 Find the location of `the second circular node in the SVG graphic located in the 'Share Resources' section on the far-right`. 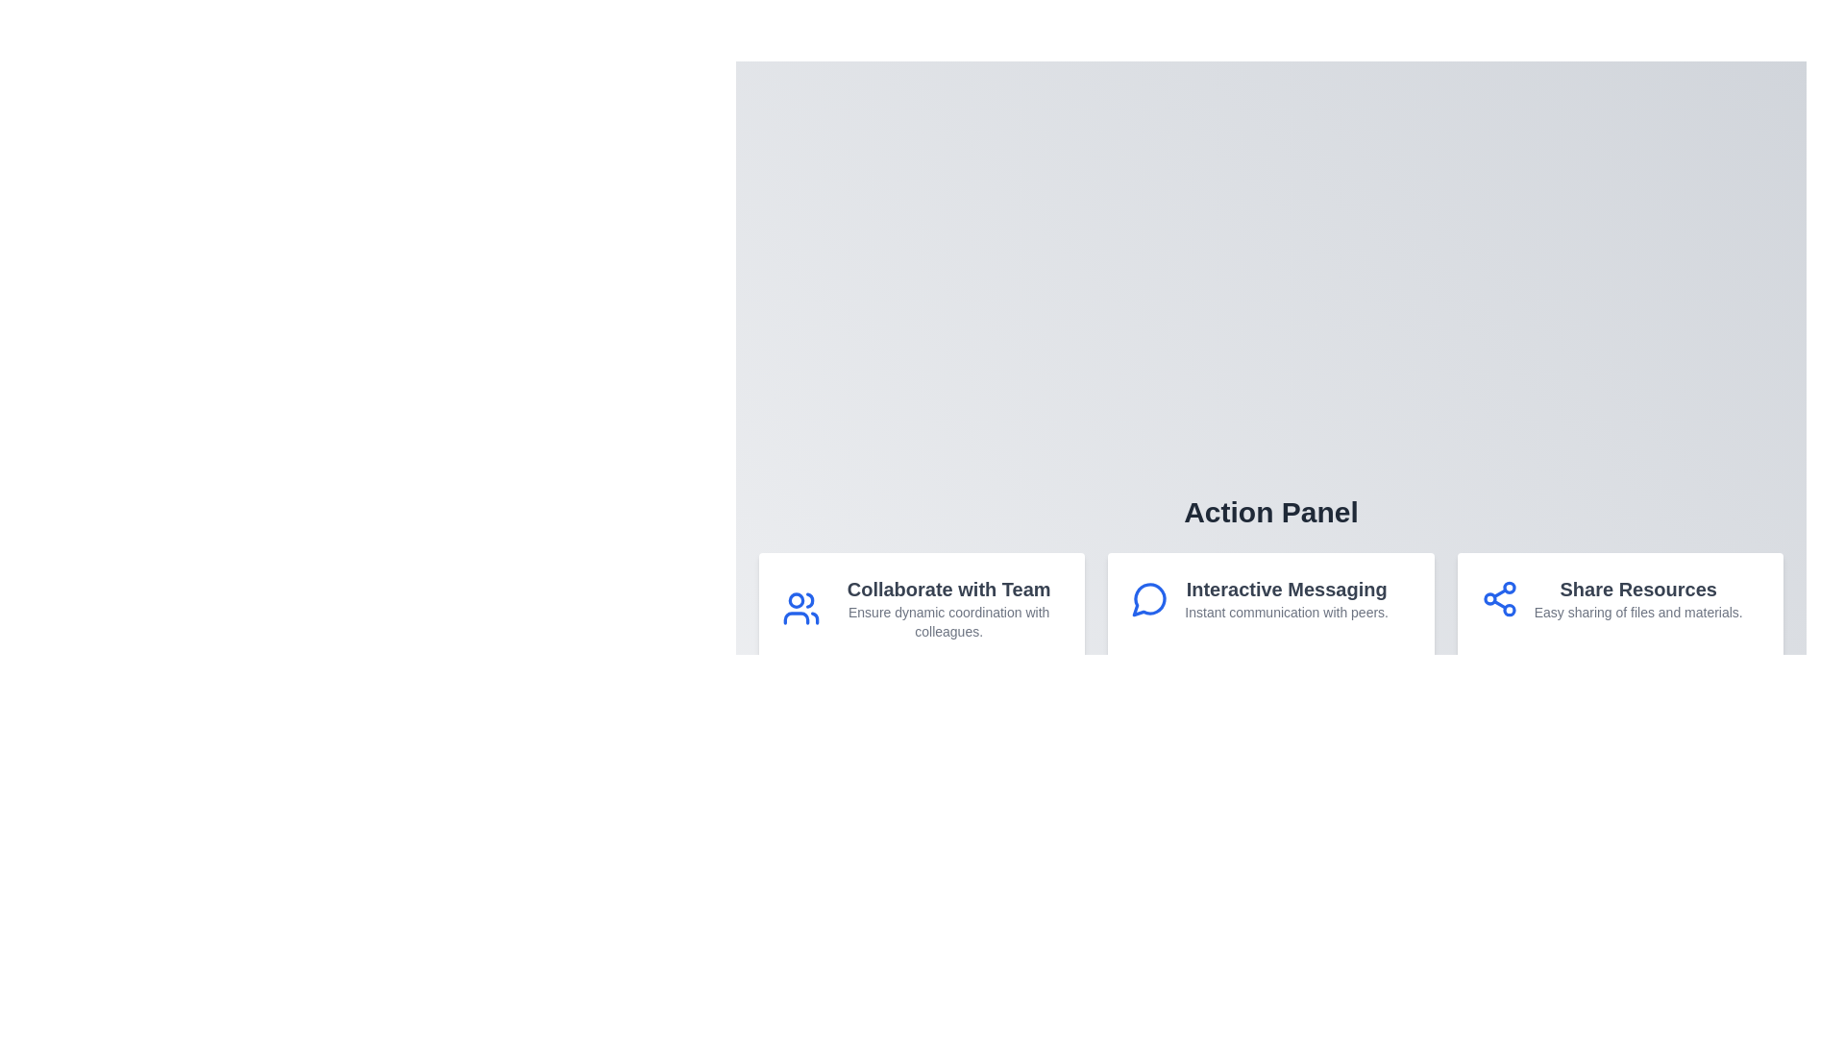

the second circular node in the SVG graphic located in the 'Share Resources' section on the far-right is located at coordinates (1488, 598).